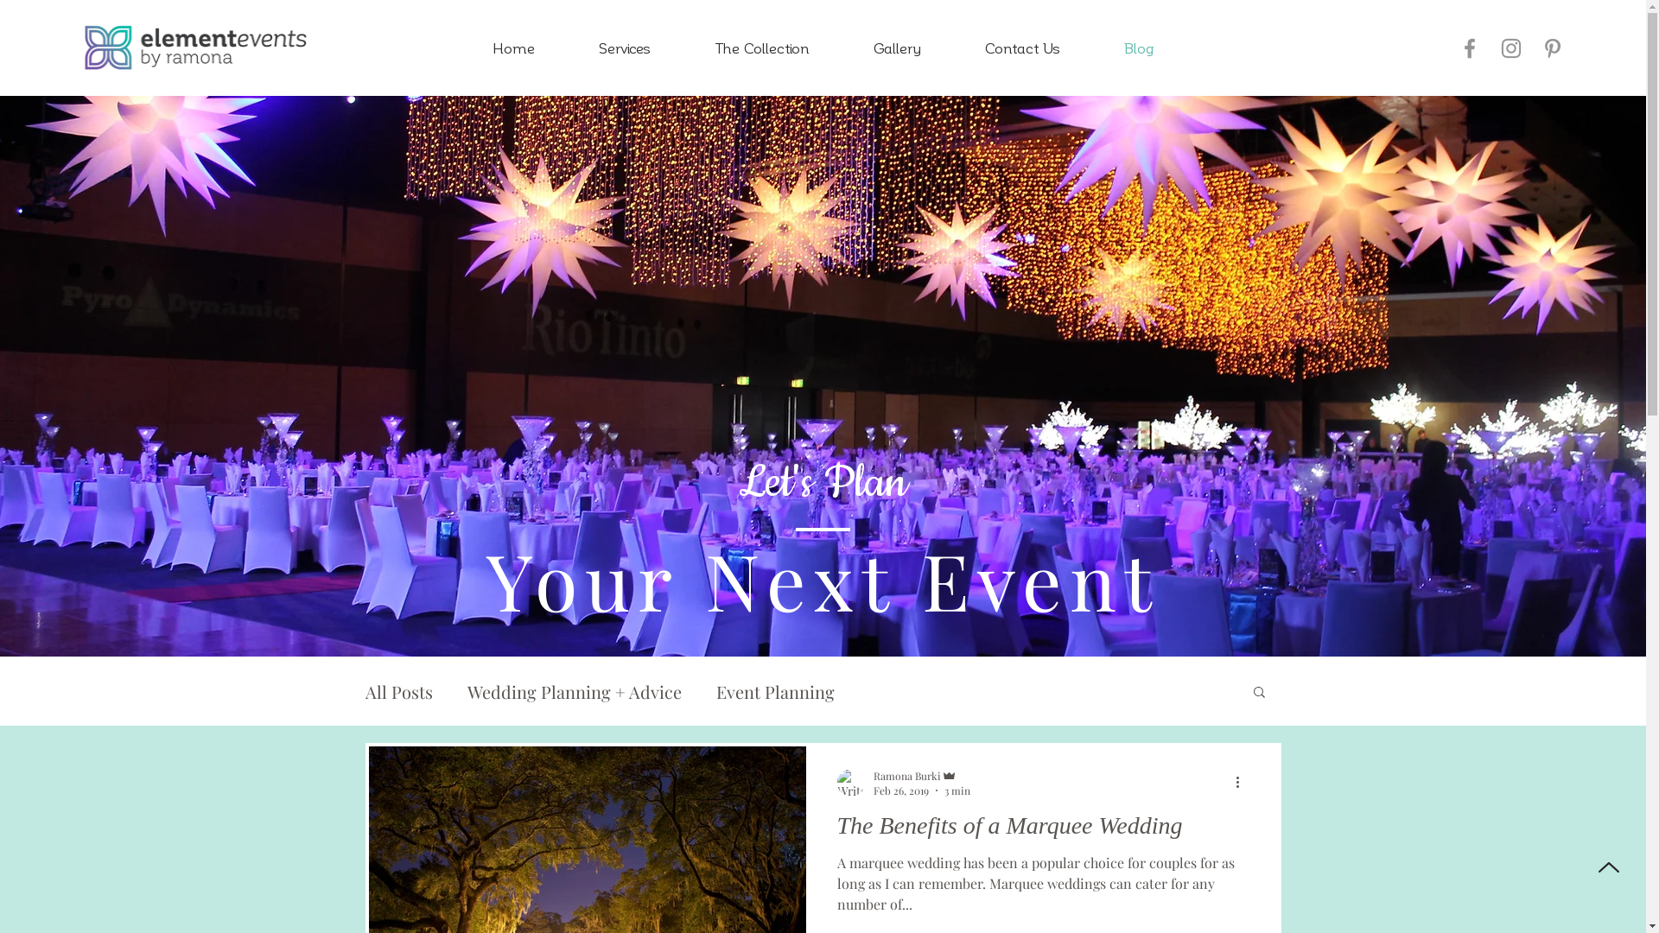 The width and height of the screenshot is (1659, 933). What do you see at coordinates (1021, 46) in the screenshot?
I see `'Contact Us'` at bounding box center [1021, 46].